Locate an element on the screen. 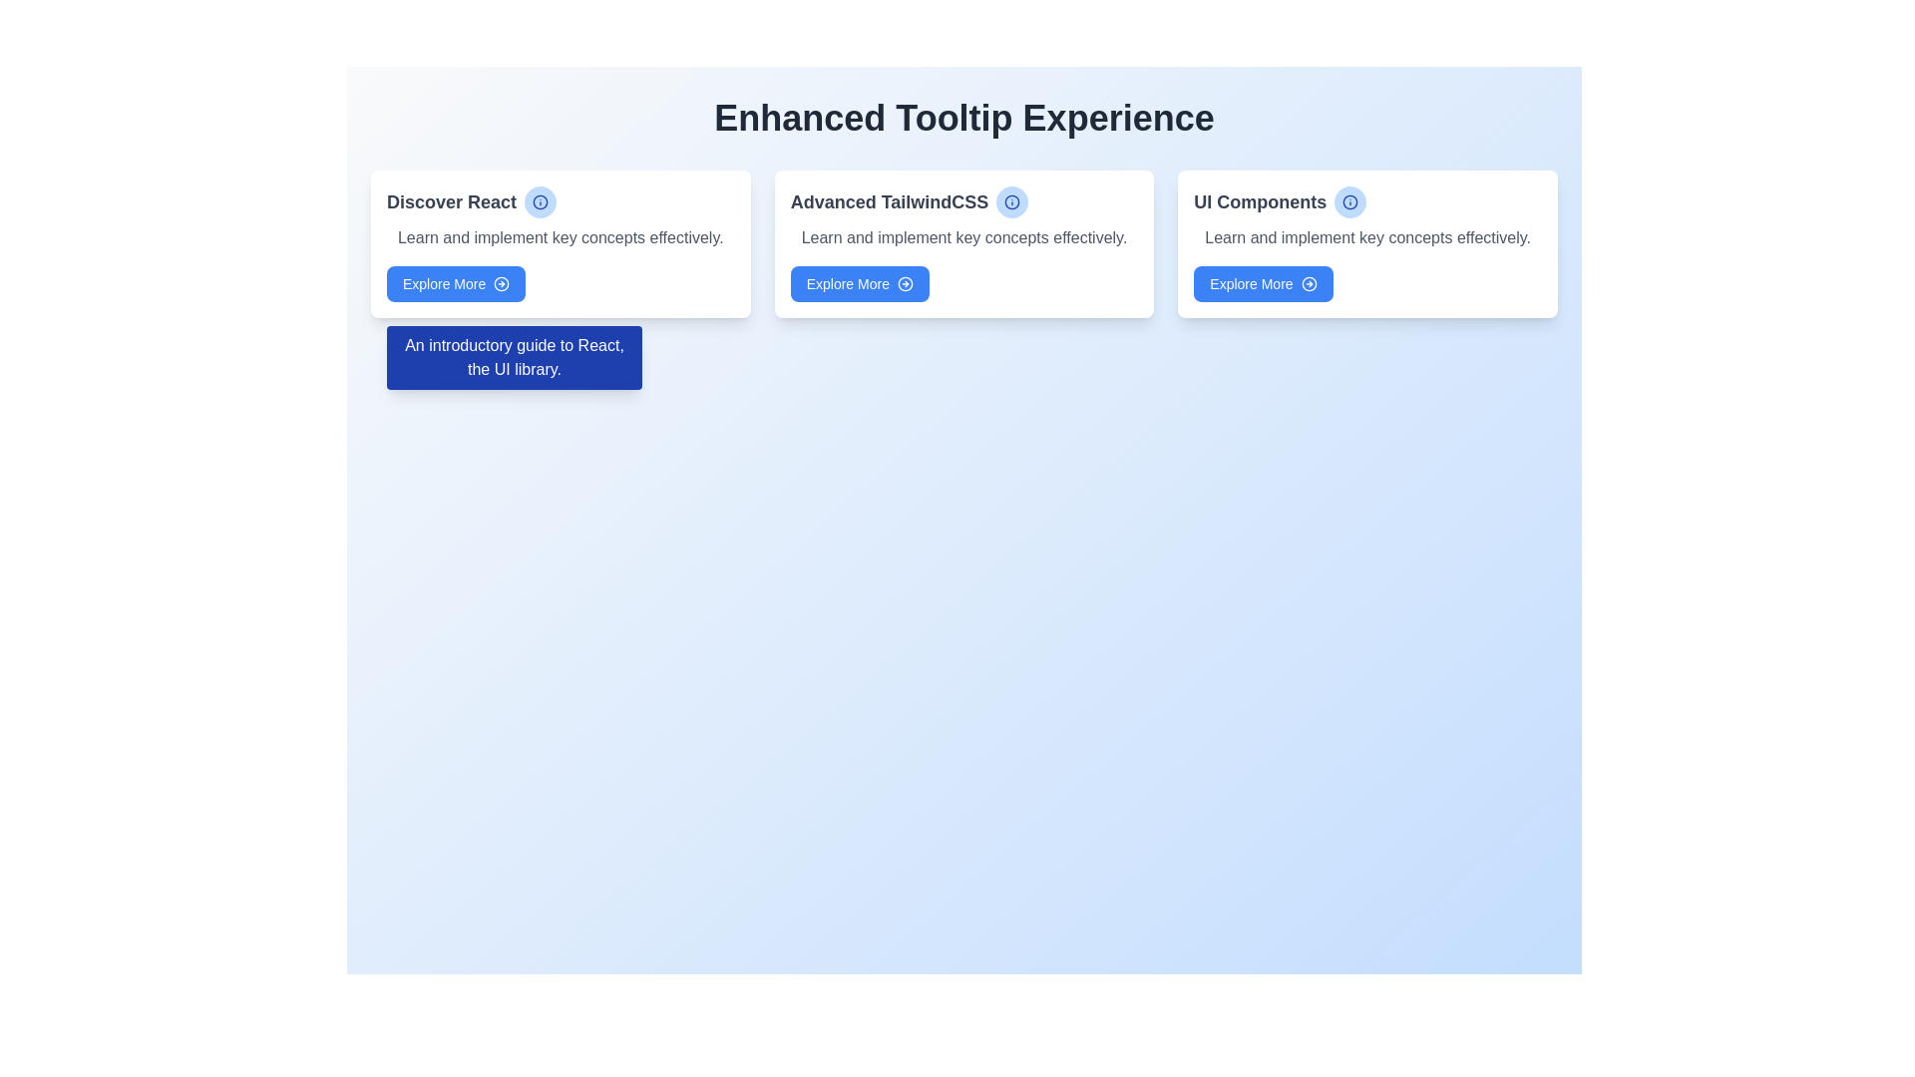  the static text element that reads 'Learn and implement key concepts effectively.' which is styled in gray and positioned between the heading 'UI Components' and the button 'Explore More' is located at coordinates (1366, 237).